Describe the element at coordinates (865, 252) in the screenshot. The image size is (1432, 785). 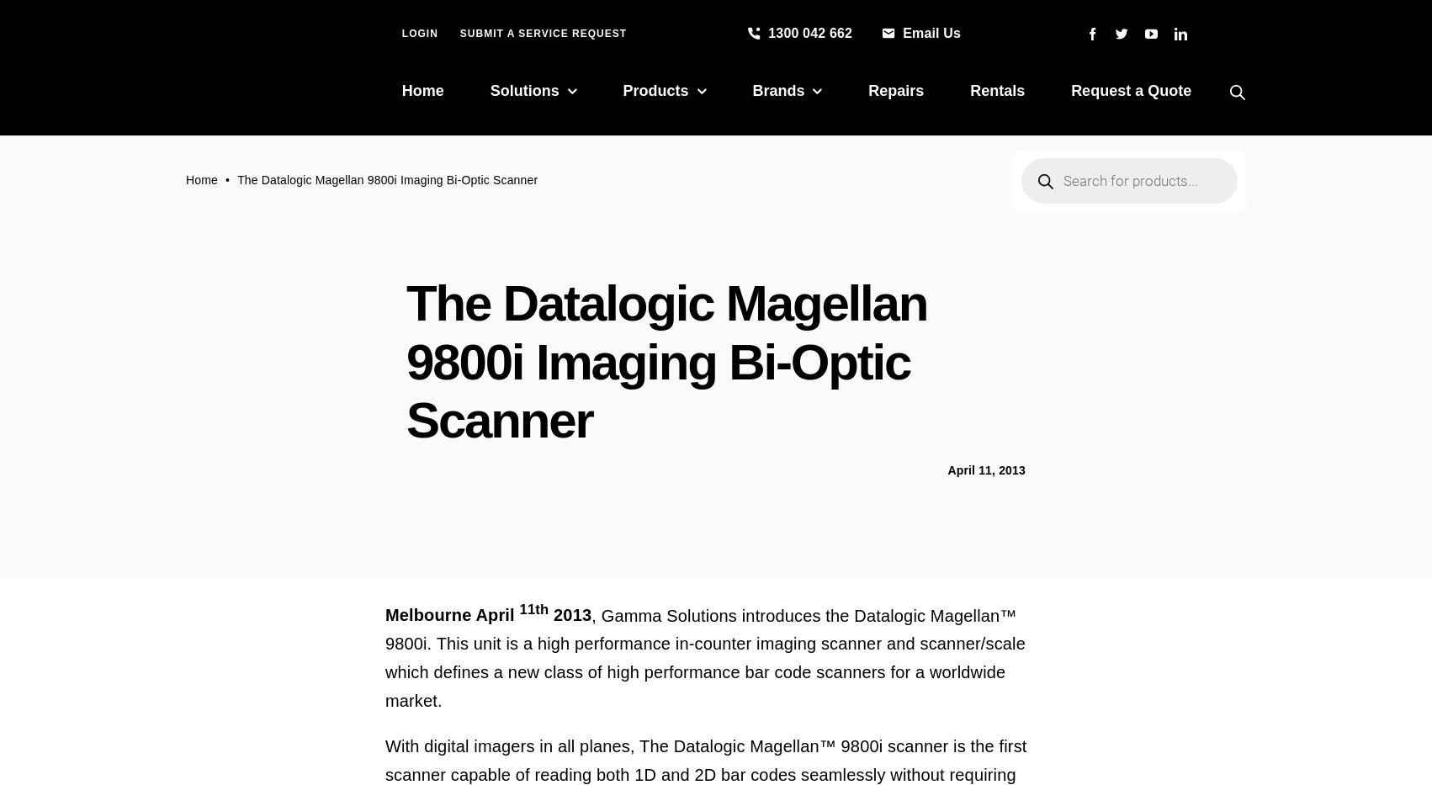
I see `'Heavy Duty Mobile Computers'` at that location.